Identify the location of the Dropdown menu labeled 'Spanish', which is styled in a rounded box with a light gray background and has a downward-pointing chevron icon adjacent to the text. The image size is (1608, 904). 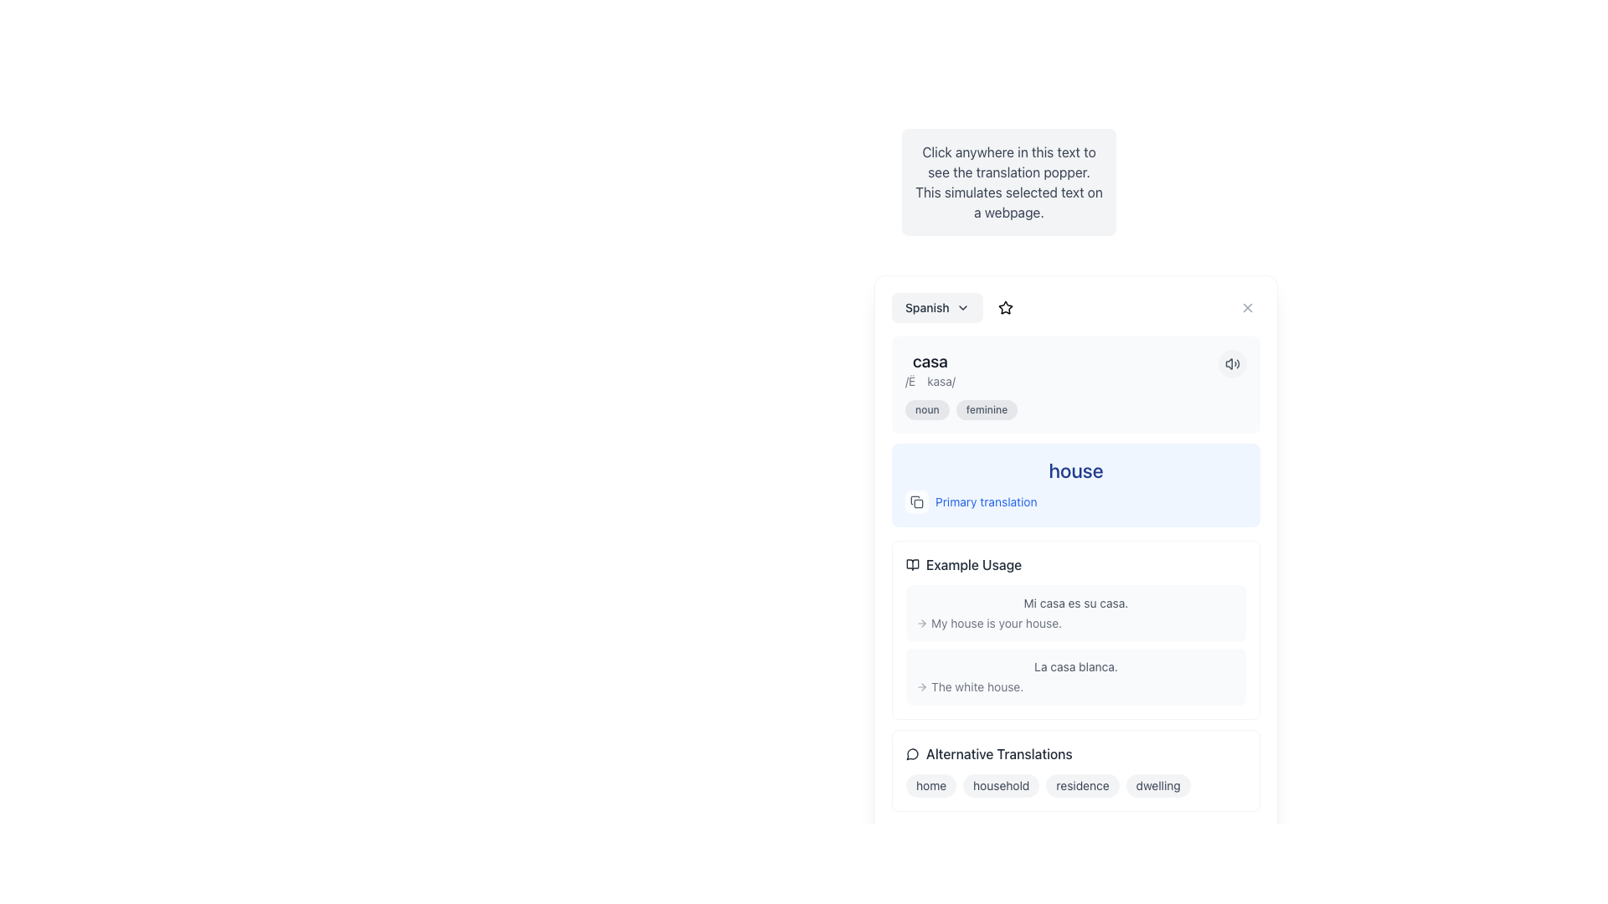
(936, 307).